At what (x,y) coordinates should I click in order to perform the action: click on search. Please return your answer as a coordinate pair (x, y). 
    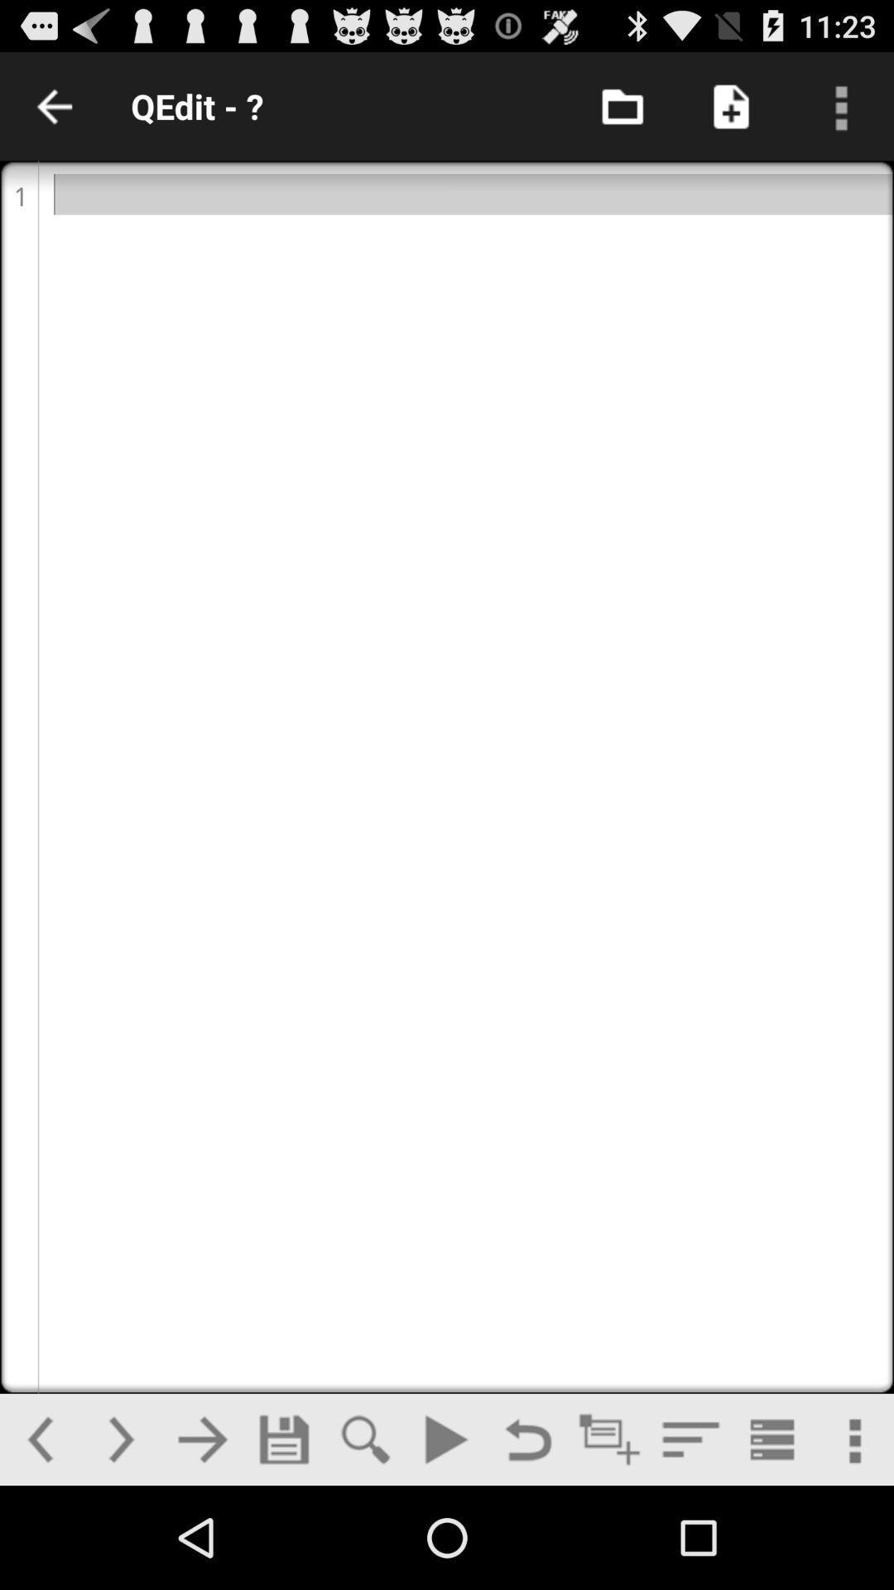
    Looking at the image, I should click on (364, 1438).